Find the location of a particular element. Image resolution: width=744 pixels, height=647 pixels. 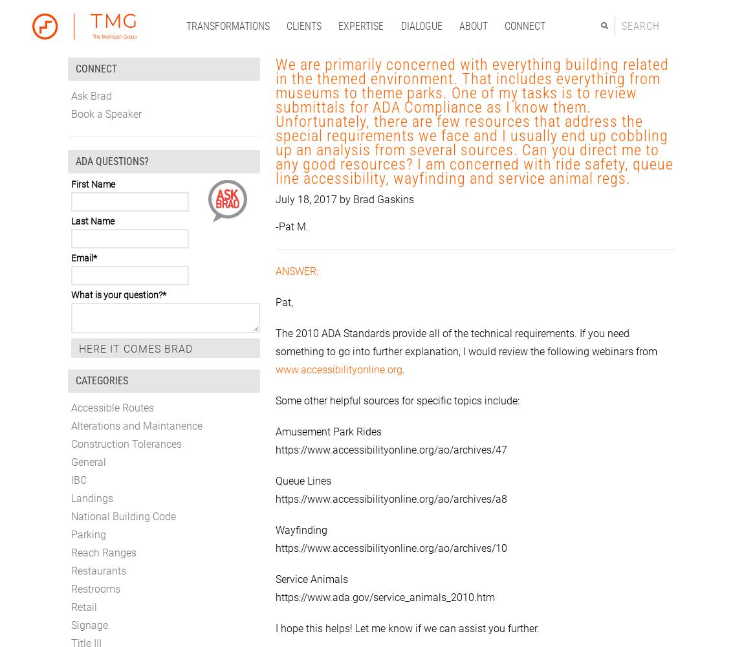

'https://www.ada.gov/service_animals_2010.htm' is located at coordinates (384, 597).